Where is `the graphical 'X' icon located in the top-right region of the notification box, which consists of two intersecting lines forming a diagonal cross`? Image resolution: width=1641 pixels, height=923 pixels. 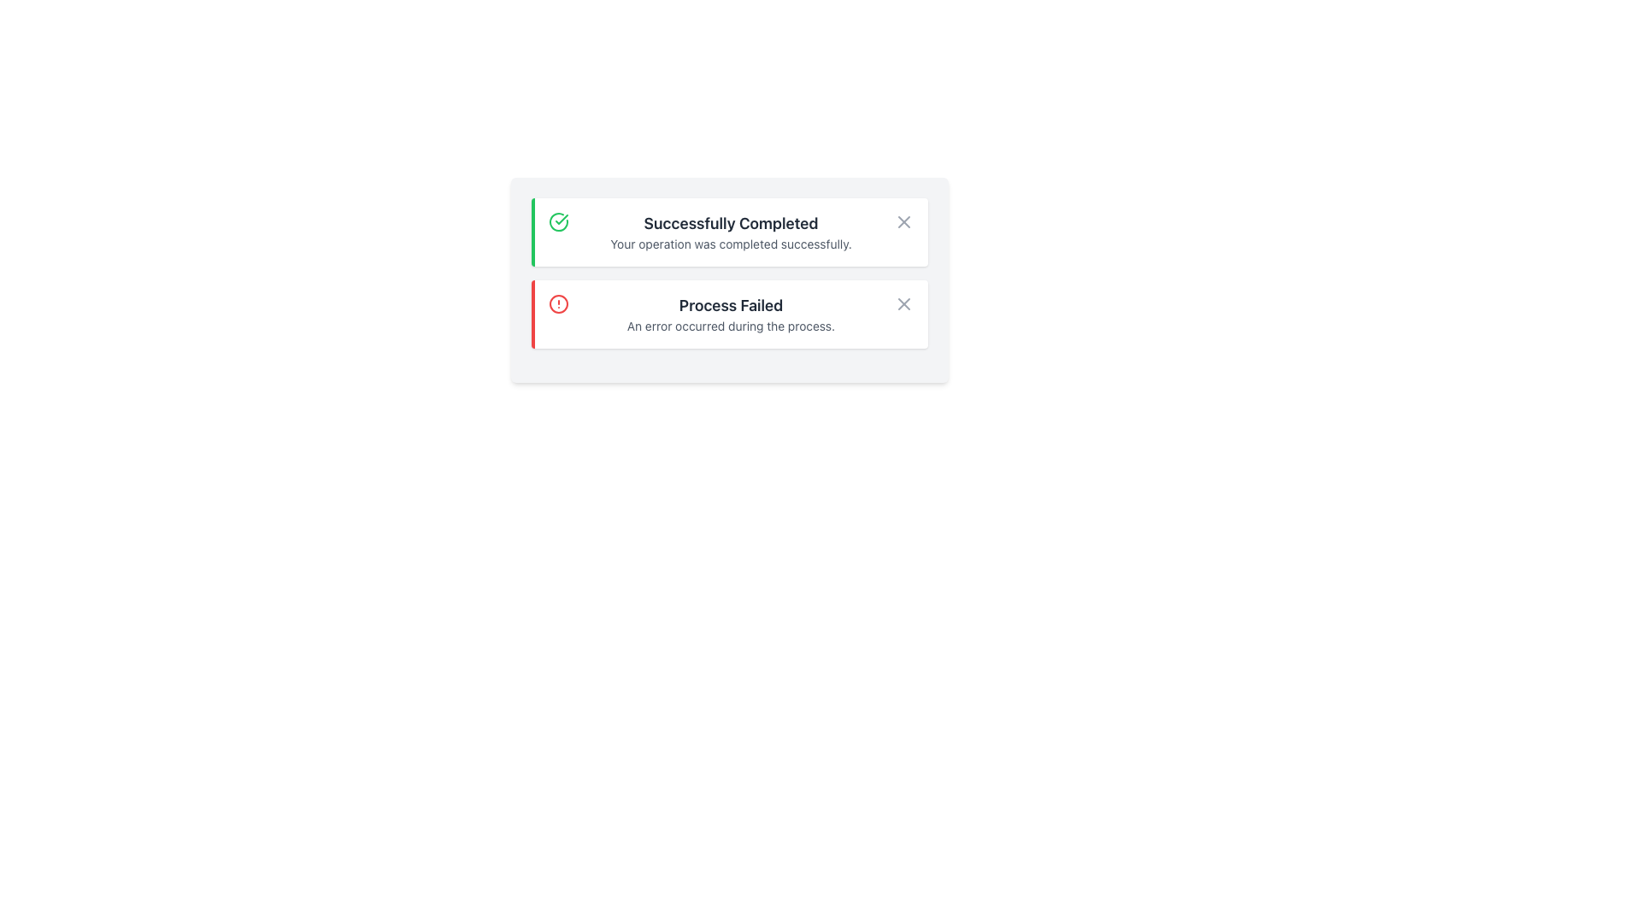 the graphical 'X' icon located in the top-right region of the notification box, which consists of two intersecting lines forming a diagonal cross is located at coordinates (903, 303).